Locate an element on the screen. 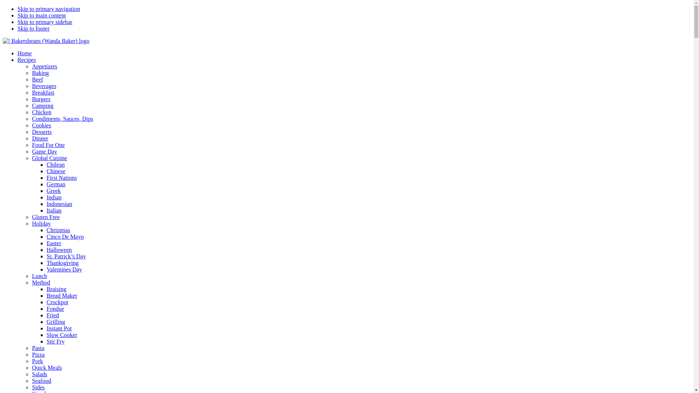 Image resolution: width=699 pixels, height=393 pixels. 'Salads' is located at coordinates (39, 374).